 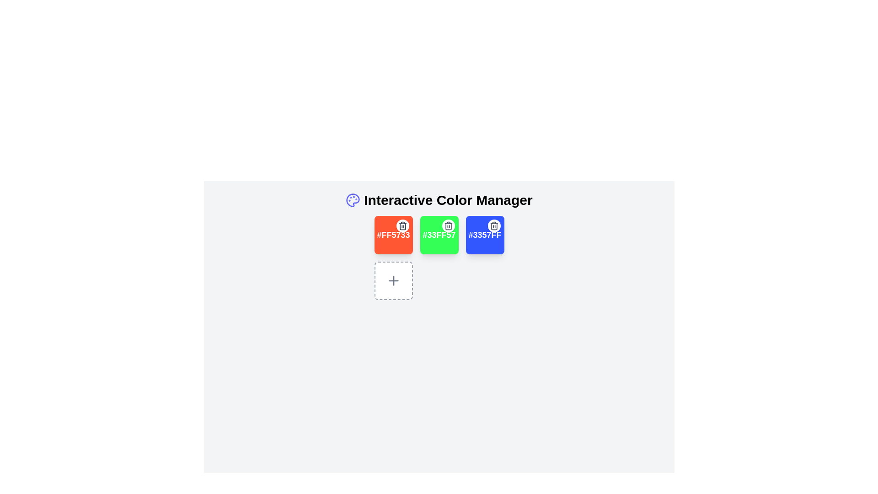 I want to click on the first color block labeled '#FF5733', so click(x=393, y=234).